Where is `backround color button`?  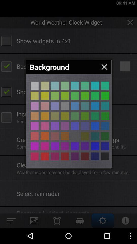
backround color button is located at coordinates (65, 156).